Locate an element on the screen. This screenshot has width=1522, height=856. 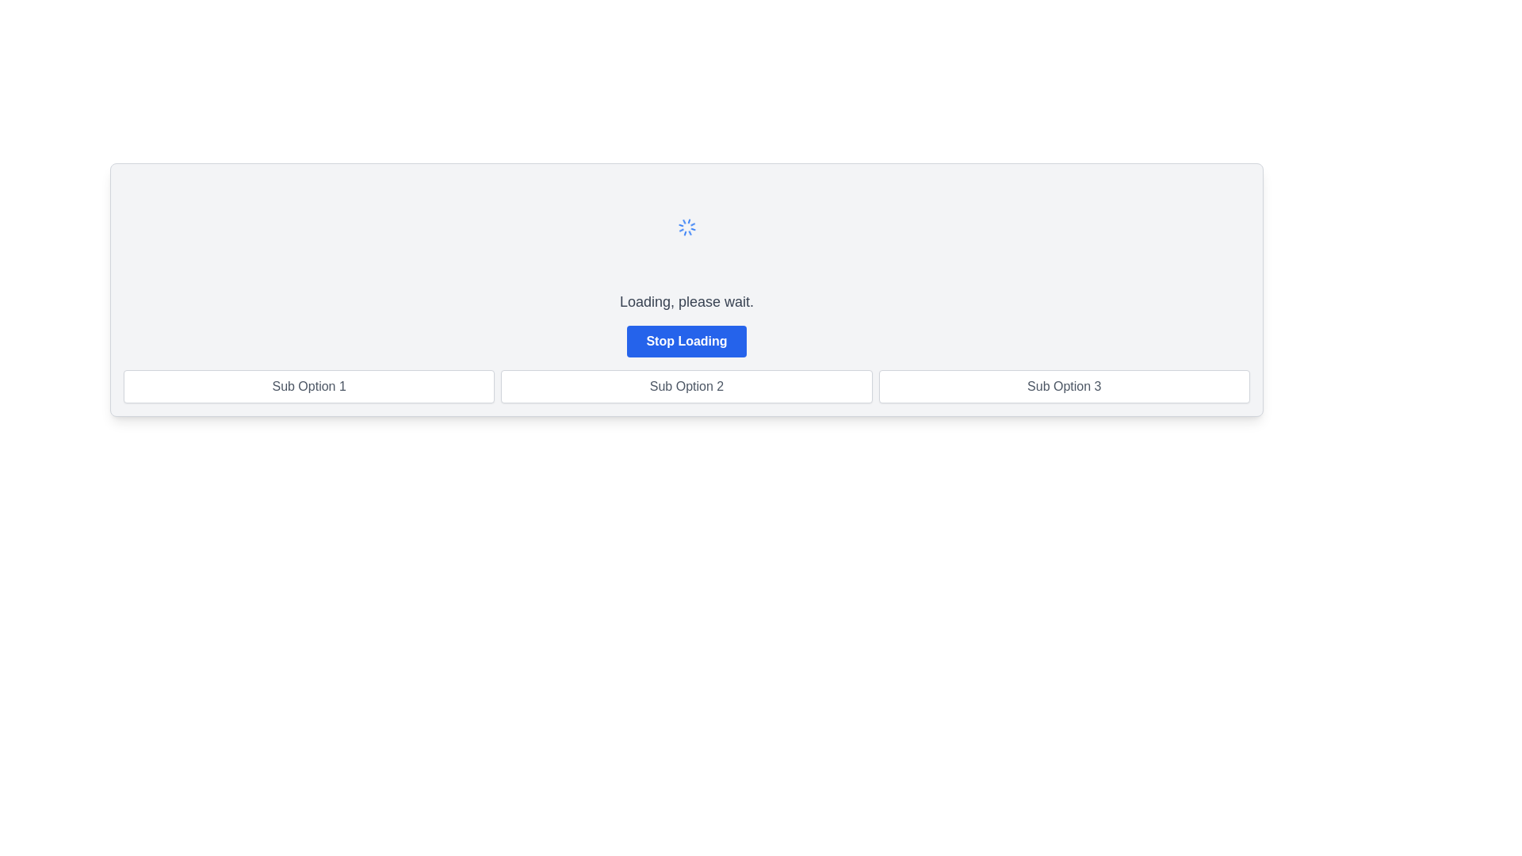
the static display element labeled 'Sub Option 1', which is the left-most button among three options positioned in the lower center area of the interface is located at coordinates (309, 387).